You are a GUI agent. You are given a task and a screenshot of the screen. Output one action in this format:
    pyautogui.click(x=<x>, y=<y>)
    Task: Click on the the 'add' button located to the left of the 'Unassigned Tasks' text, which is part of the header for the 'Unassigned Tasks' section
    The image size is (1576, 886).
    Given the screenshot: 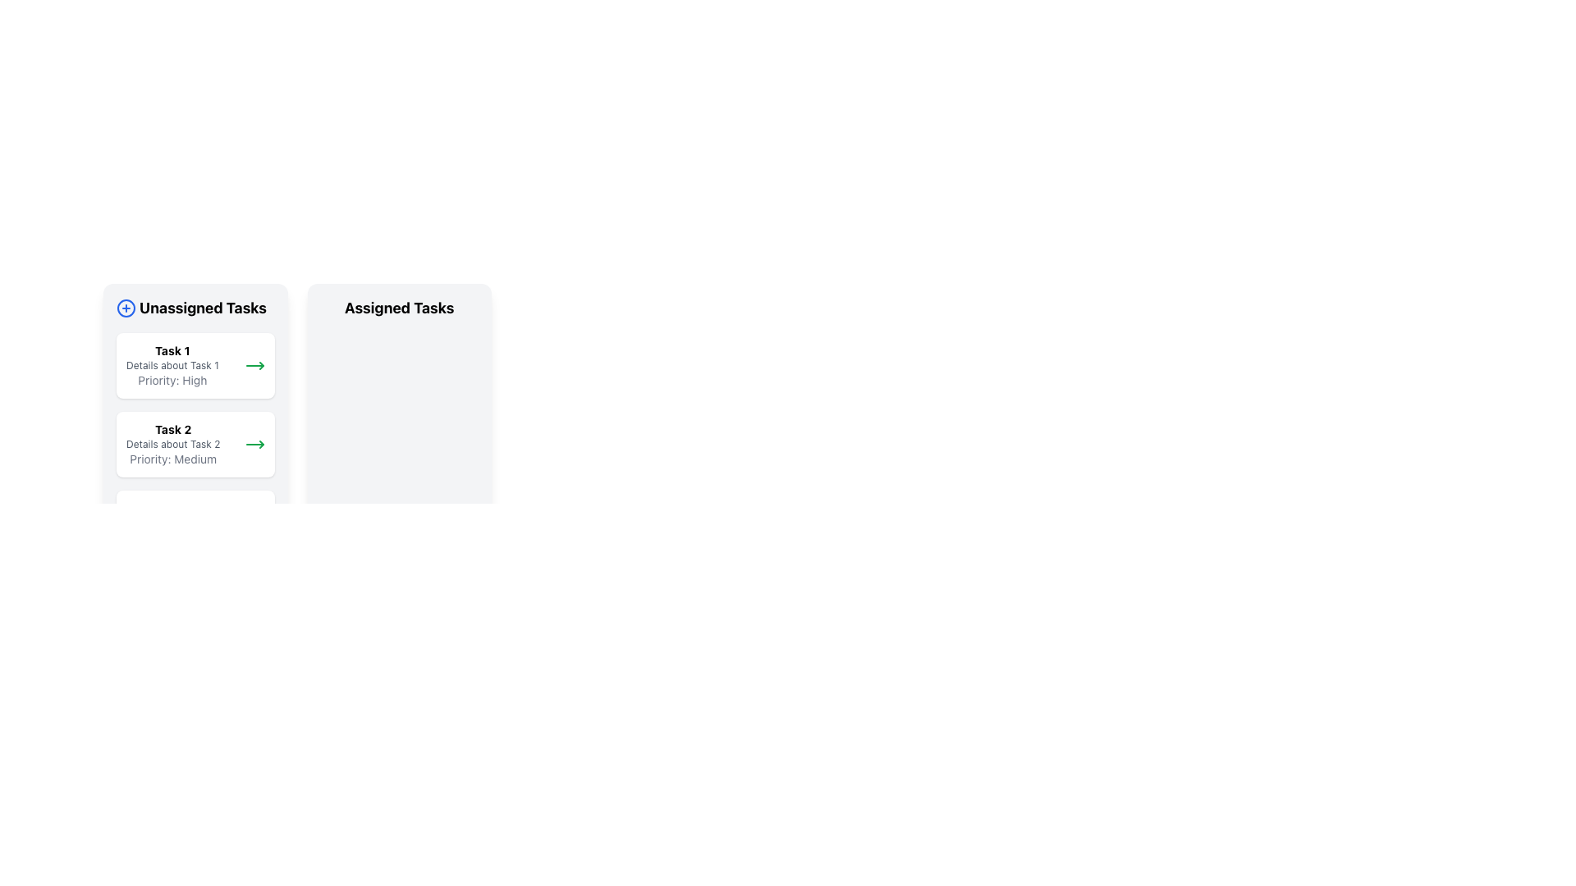 What is the action you would take?
    pyautogui.click(x=125, y=308)
    